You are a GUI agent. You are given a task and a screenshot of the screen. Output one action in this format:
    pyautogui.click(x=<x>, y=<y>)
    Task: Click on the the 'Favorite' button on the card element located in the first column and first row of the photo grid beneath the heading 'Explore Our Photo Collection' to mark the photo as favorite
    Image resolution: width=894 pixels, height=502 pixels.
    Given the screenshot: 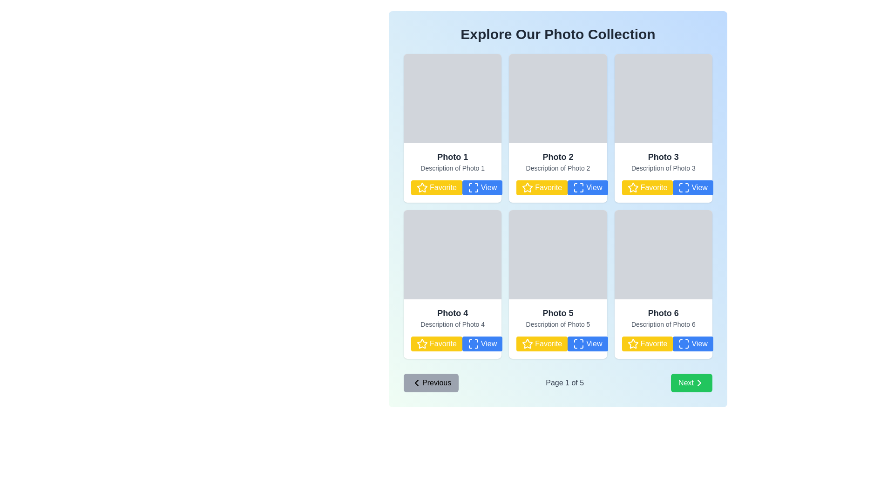 What is the action you would take?
    pyautogui.click(x=453, y=172)
    